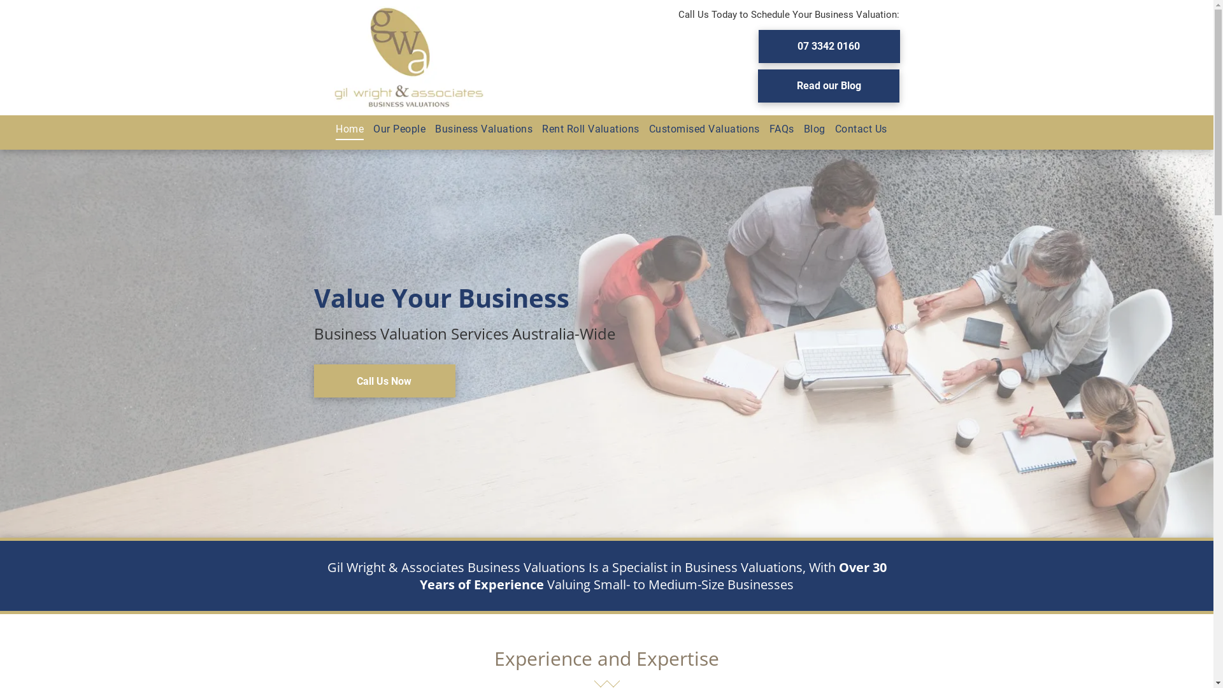 The height and width of the screenshot is (688, 1223). Describe the element at coordinates (345, 129) in the screenshot. I see `'Home'` at that location.